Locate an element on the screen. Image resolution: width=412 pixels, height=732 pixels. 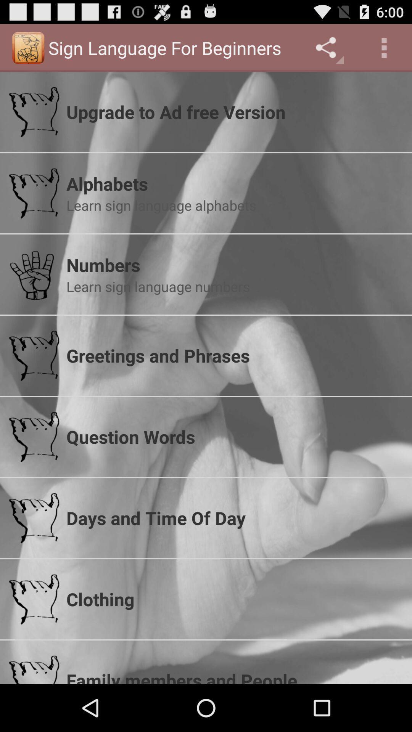
icon below the greetings and phrases item is located at coordinates (234, 437).